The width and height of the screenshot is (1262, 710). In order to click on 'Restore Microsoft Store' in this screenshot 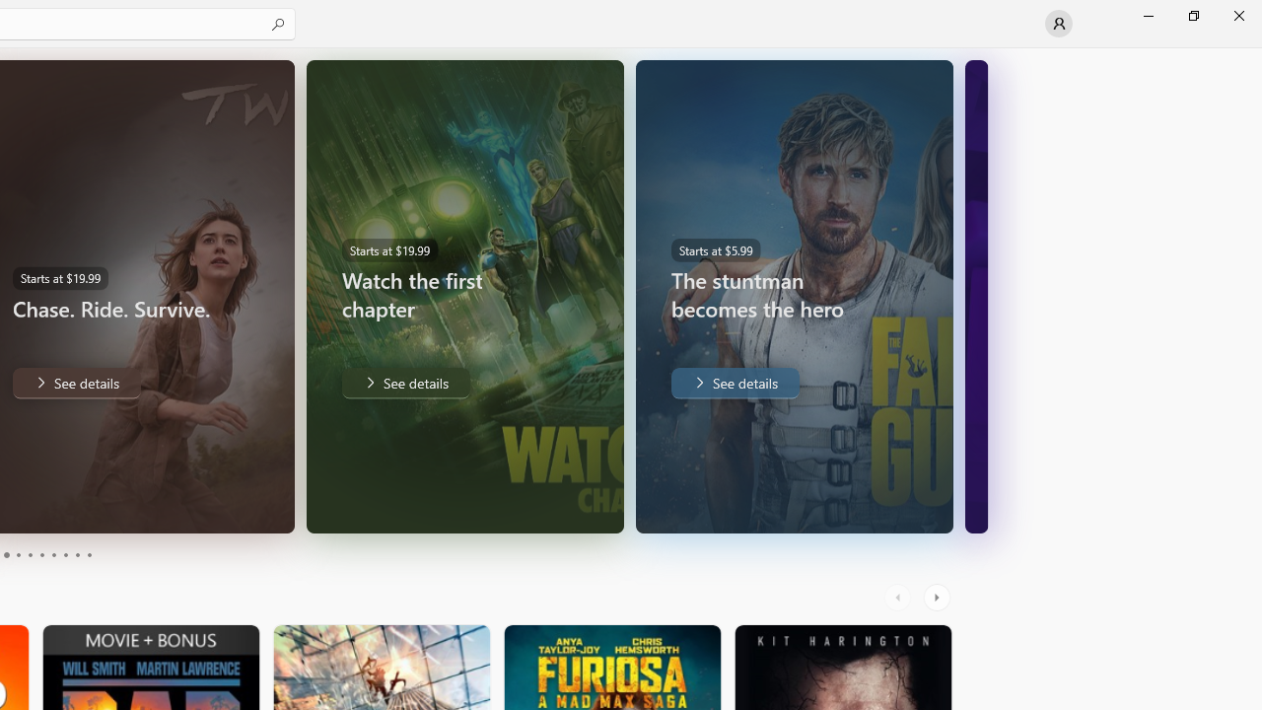, I will do `click(1192, 15)`.